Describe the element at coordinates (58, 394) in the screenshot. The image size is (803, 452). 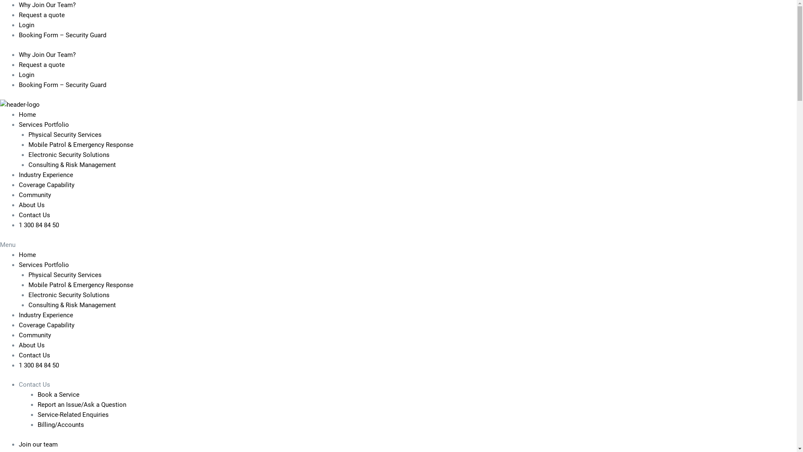
I see `'Book a Service'` at that location.